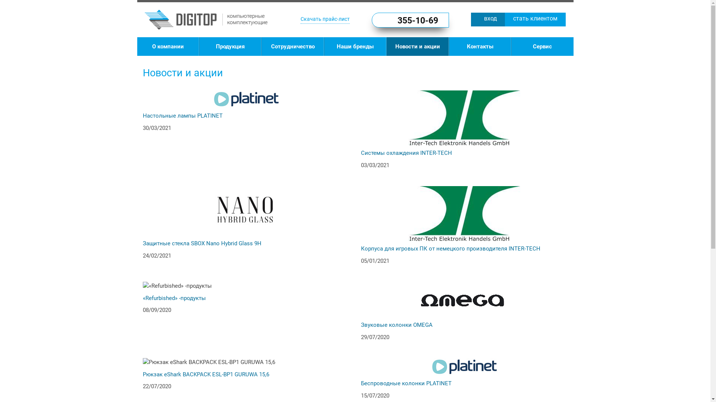  What do you see at coordinates (206, 19) in the screenshot?
I see `'DIGITOP'` at bounding box center [206, 19].